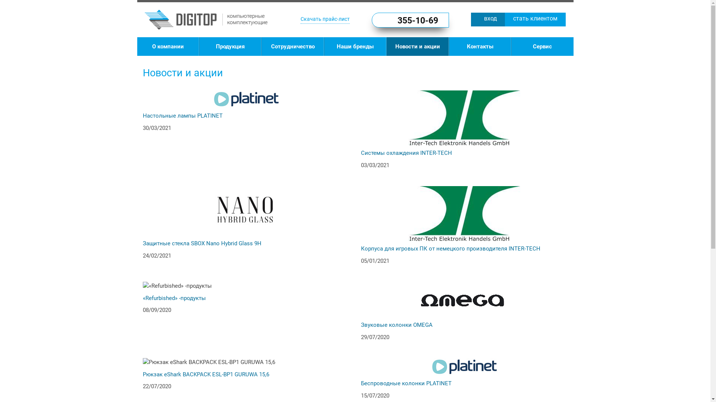  What do you see at coordinates (206, 19) in the screenshot?
I see `'DIGITOP'` at bounding box center [206, 19].